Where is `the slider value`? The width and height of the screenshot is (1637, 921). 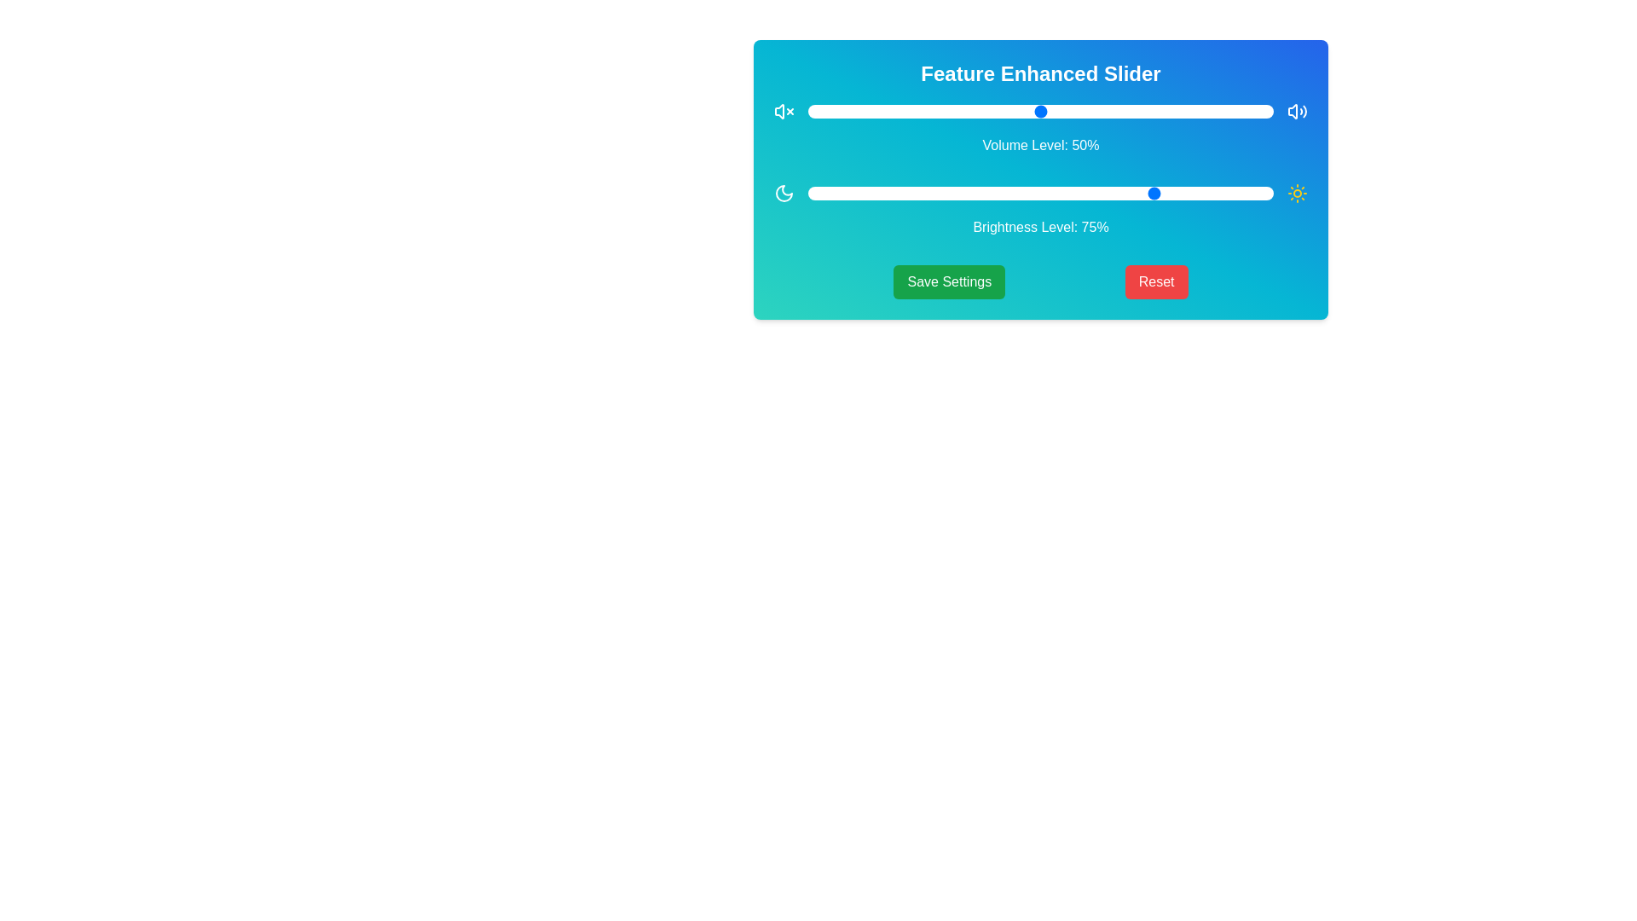 the slider value is located at coordinates (895, 112).